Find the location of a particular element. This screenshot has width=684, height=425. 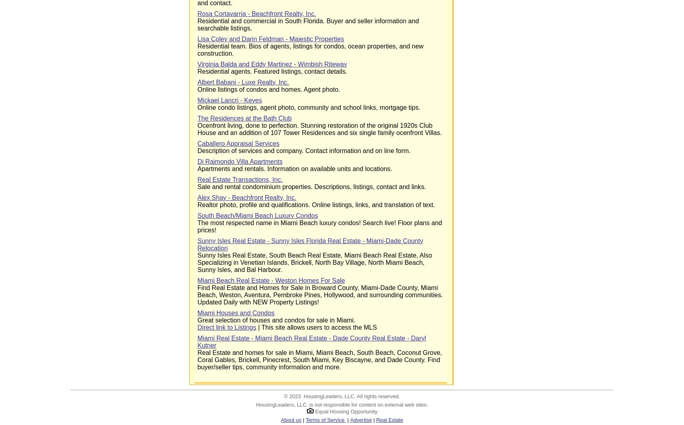

'Lisa Coley and Darin Feldman - Majestic Properties' is located at coordinates (197, 39).